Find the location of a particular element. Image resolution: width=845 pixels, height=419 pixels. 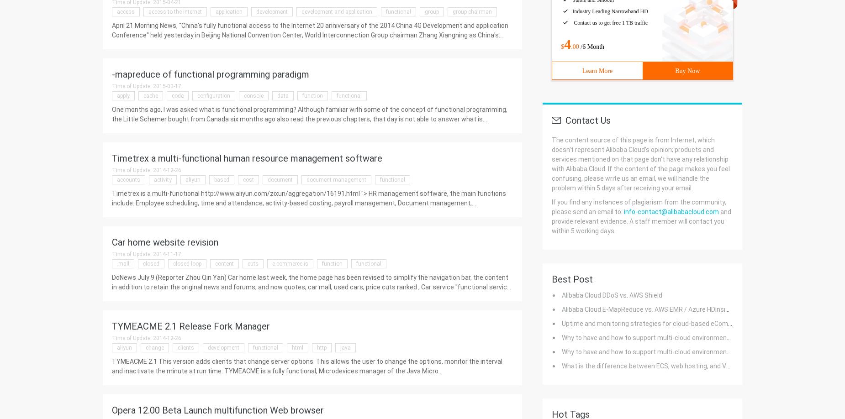

'$' is located at coordinates (562, 46).